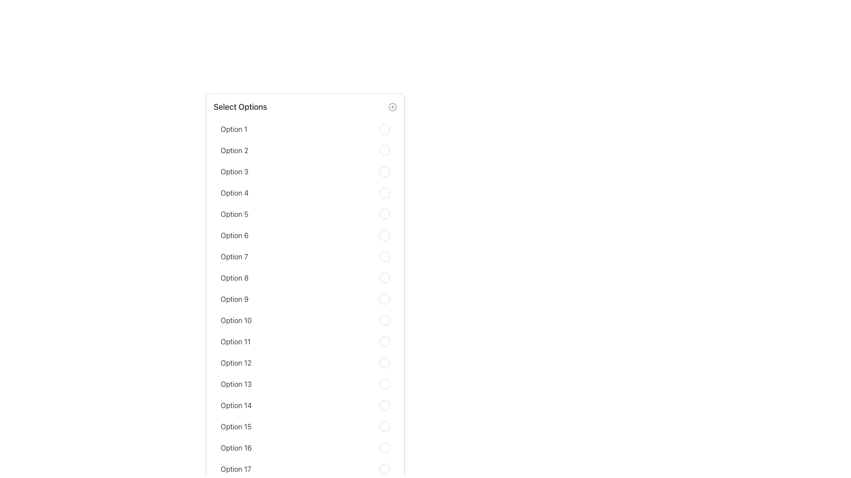 Image resolution: width=851 pixels, height=478 pixels. I want to click on the decorative SVG circle element located at the top-right corner of the interface, adjacent to the title text 'Select Options', so click(392, 107).